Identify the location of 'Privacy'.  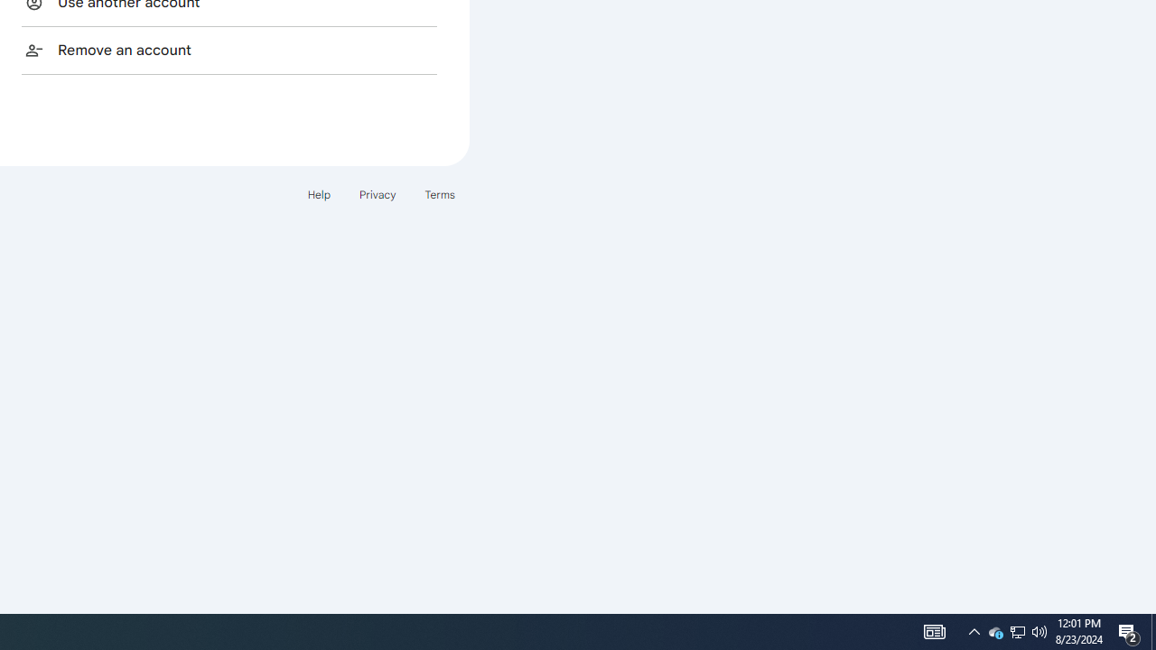
(376, 194).